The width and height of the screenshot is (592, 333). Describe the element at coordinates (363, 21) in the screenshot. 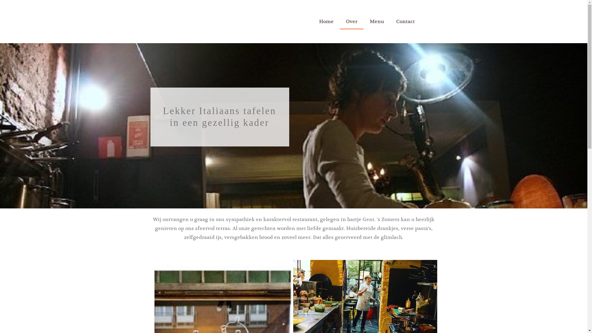

I see `'Menu'` at that location.